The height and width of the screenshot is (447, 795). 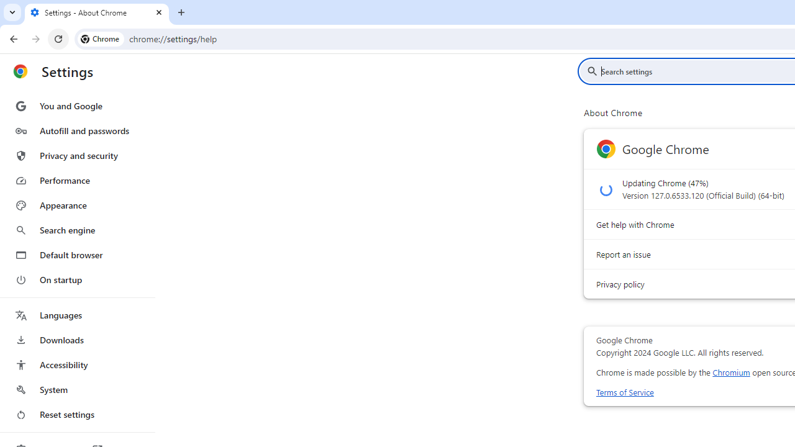 I want to click on 'Autofill and passwords', so click(x=76, y=130).